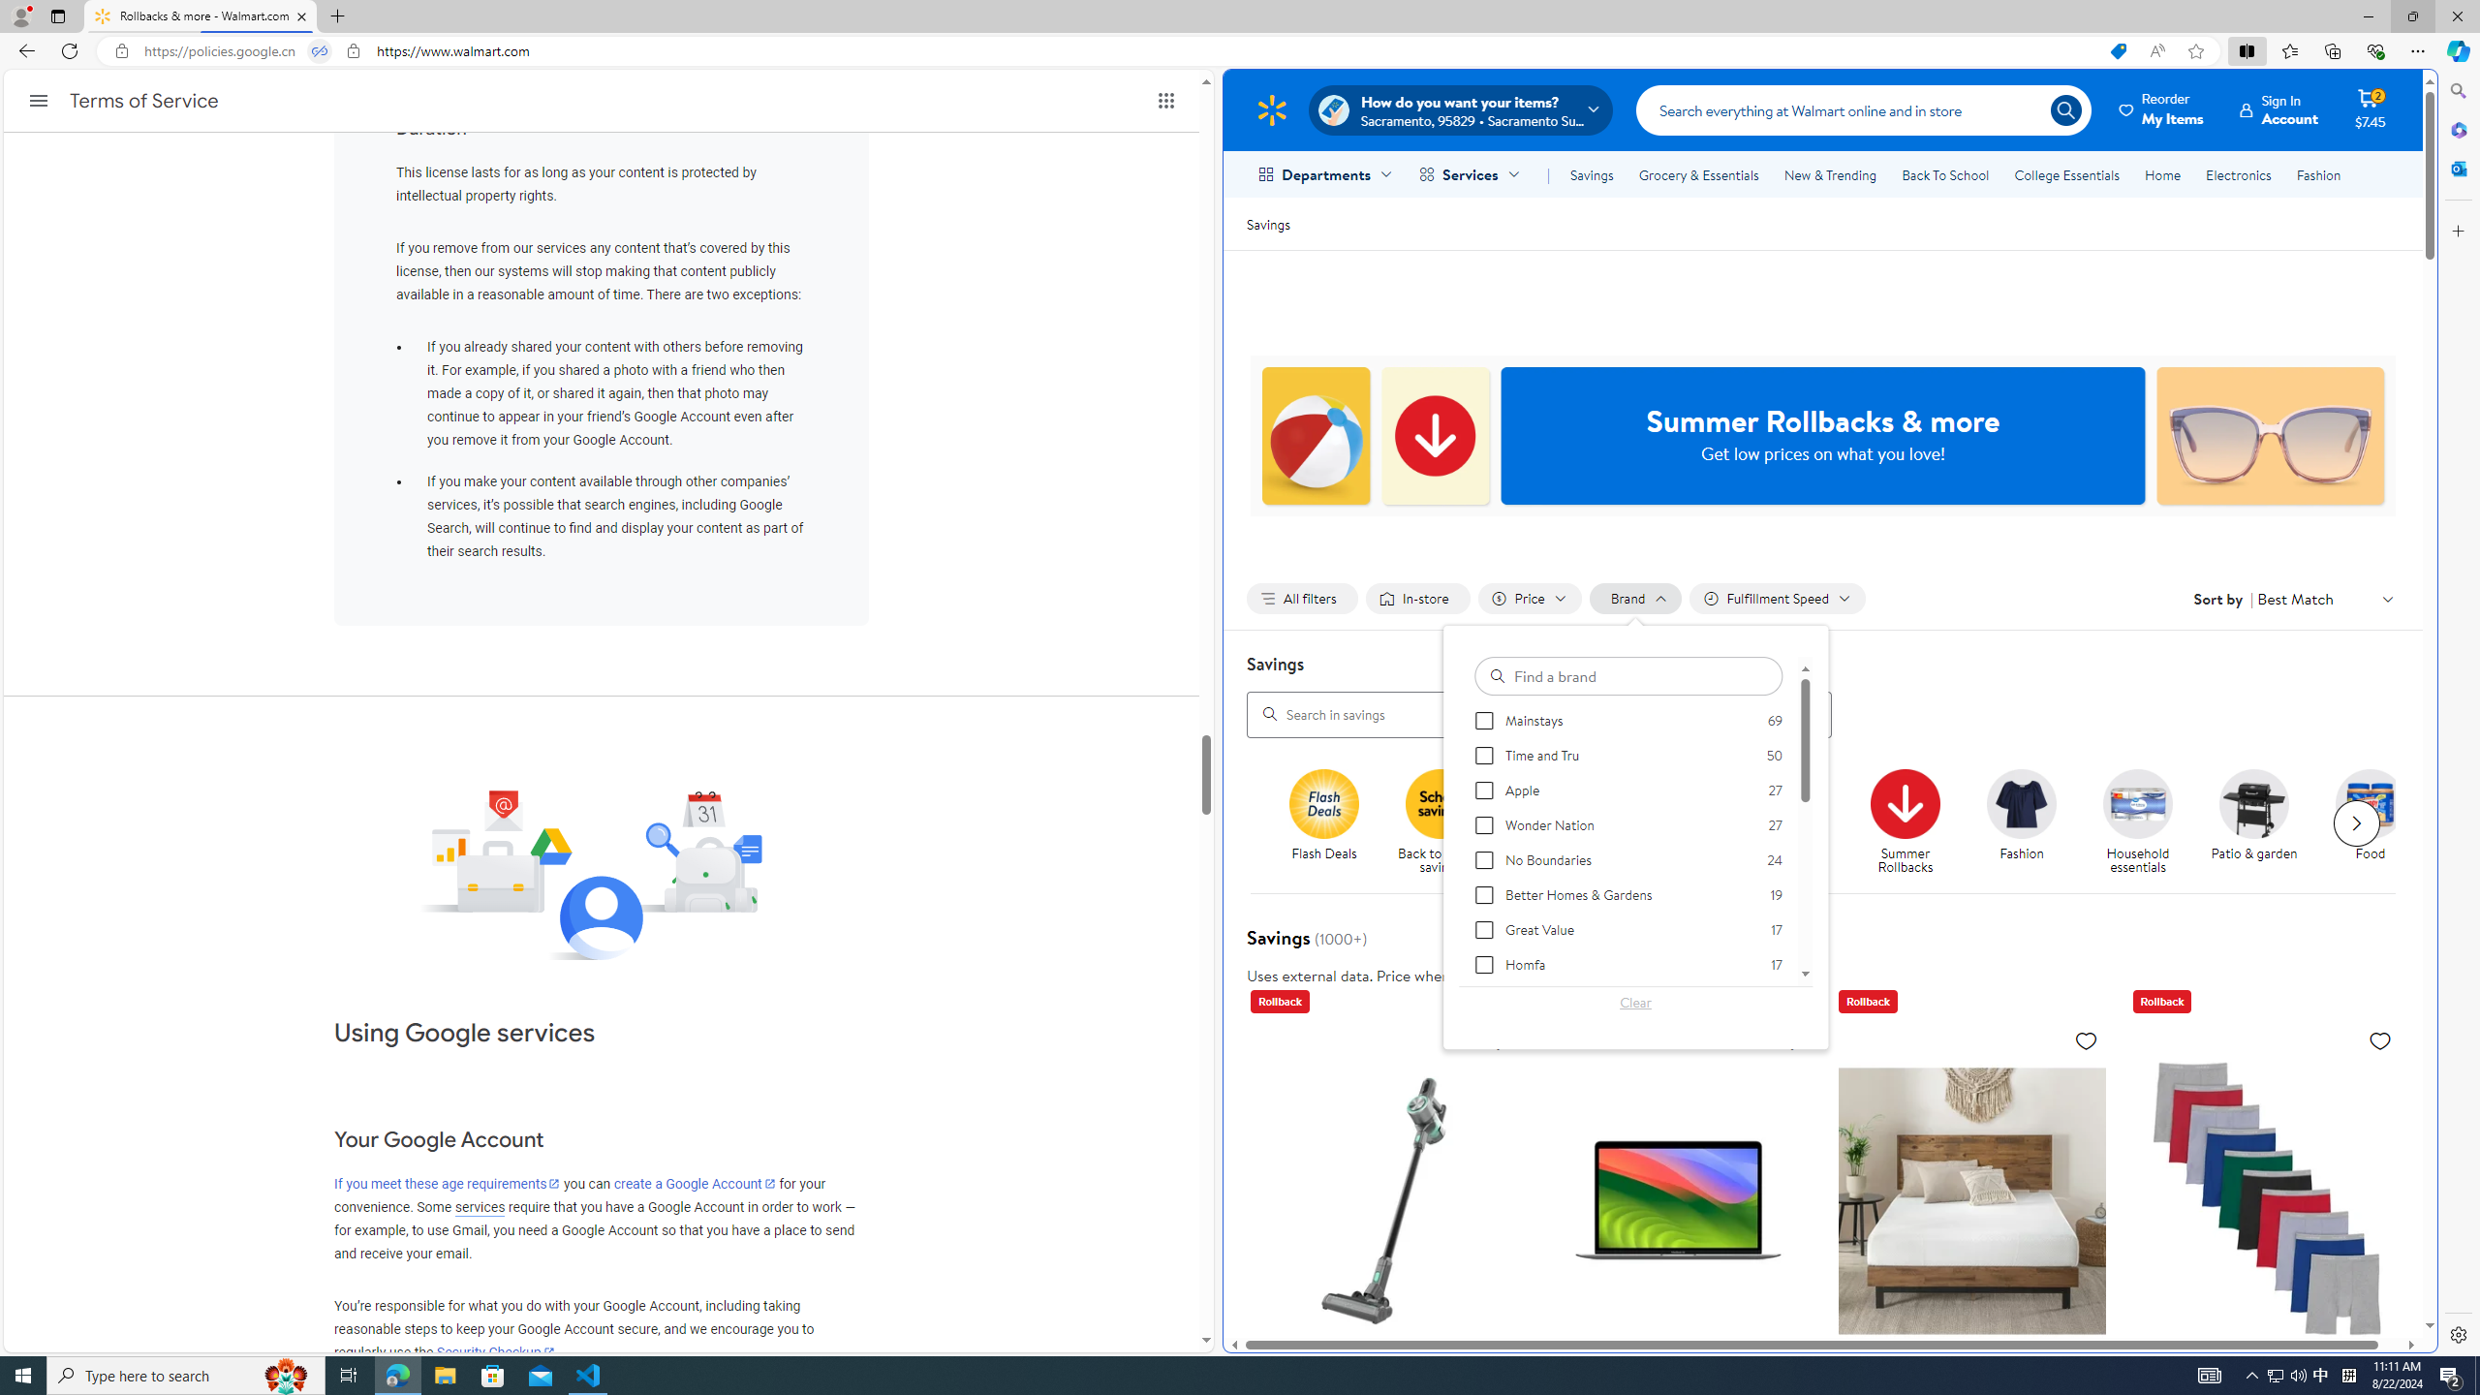 The image size is (2480, 1395). What do you see at coordinates (1556, 802) in the screenshot?
I see `'Back to College savings'` at bounding box center [1556, 802].